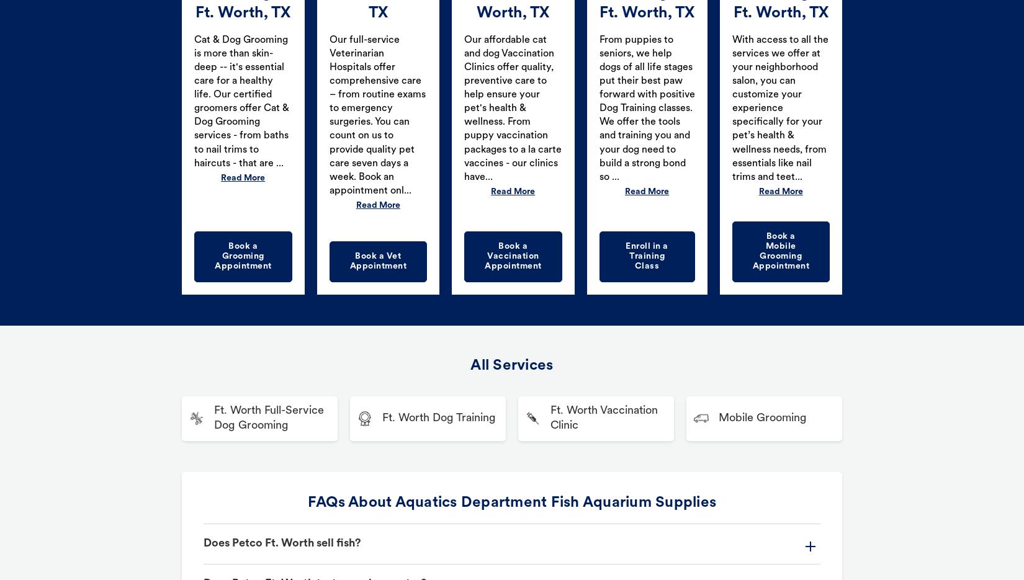  Describe the element at coordinates (194, 101) in the screenshot. I see `'Cat & Dog Grooming is more than skin-deep -- it's essential care for a healthy life. Our certified groomers offer Cat & Dog Grooming services - from baths to nail trims to haircuts - that are ...'` at that location.